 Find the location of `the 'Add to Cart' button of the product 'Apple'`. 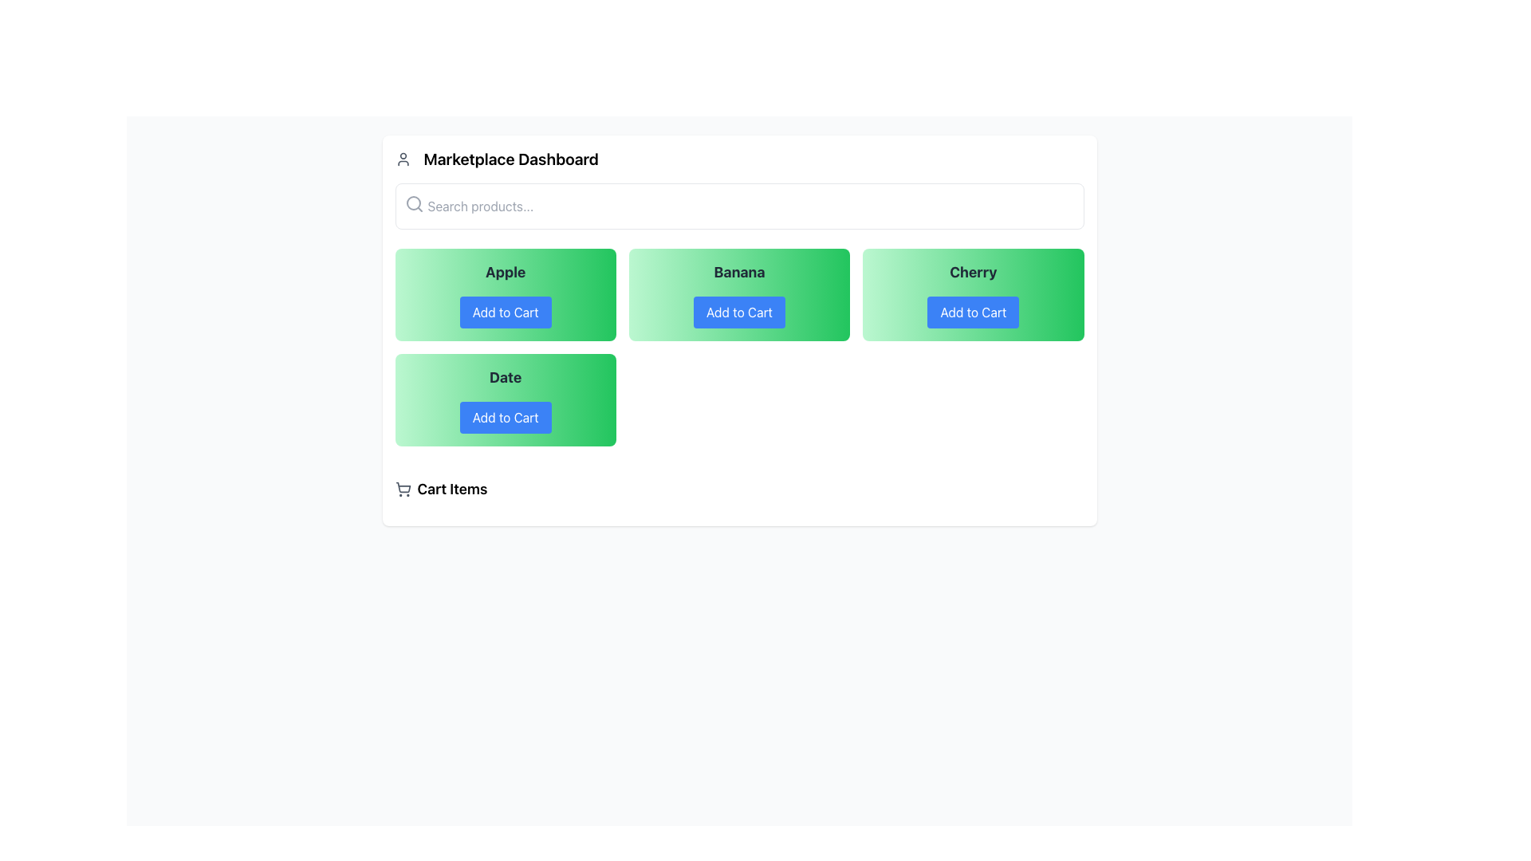

the 'Add to Cart' button of the product 'Apple' is located at coordinates (505, 295).